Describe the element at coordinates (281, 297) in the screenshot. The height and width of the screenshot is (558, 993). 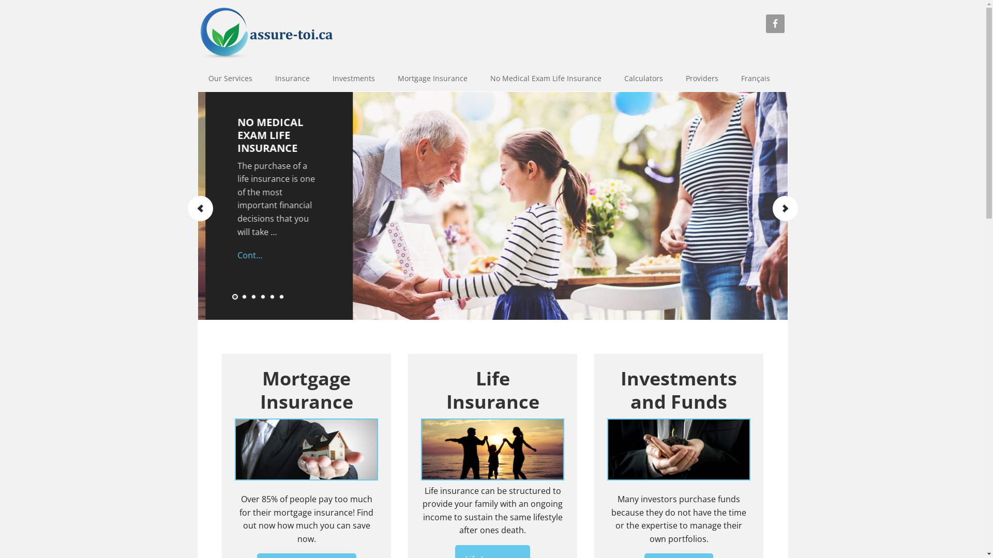
I see `'6'` at that location.